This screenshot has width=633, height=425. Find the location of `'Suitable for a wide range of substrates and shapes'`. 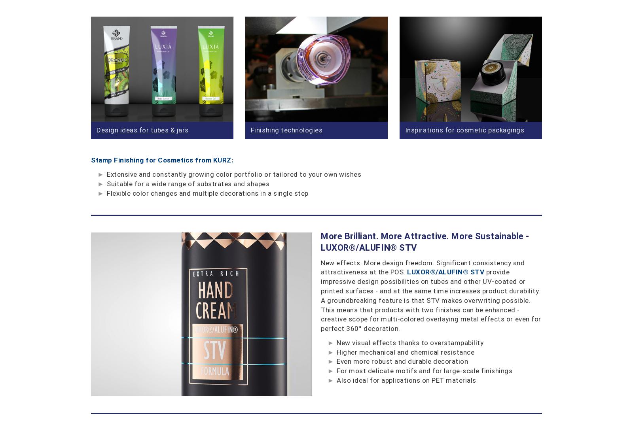

'Suitable for a wide range of substrates and shapes' is located at coordinates (107, 183).